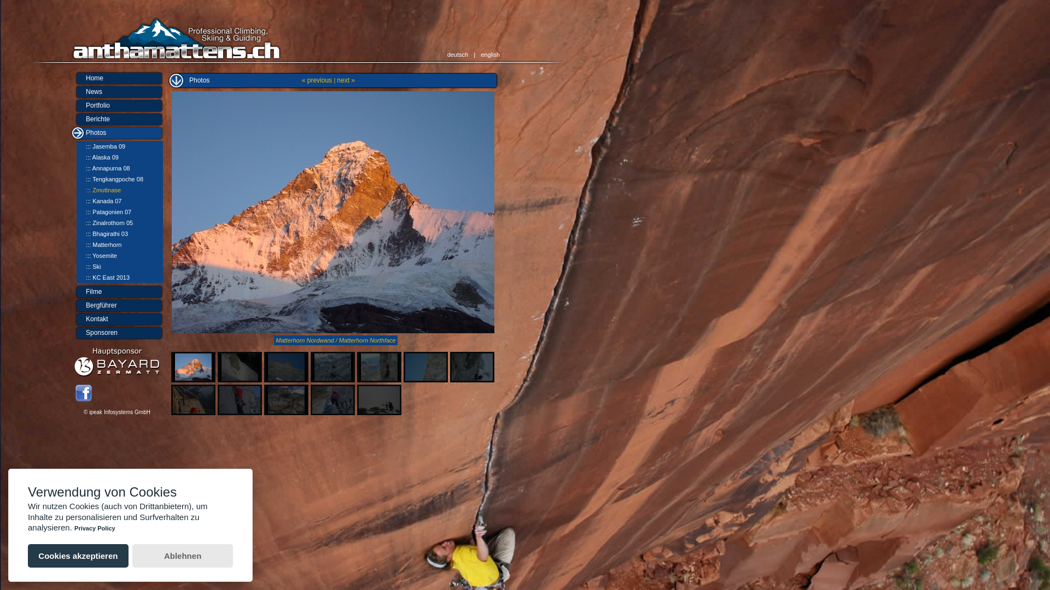 The image size is (1050, 590). What do you see at coordinates (458, 55) in the screenshot?
I see `'deutsch'` at bounding box center [458, 55].